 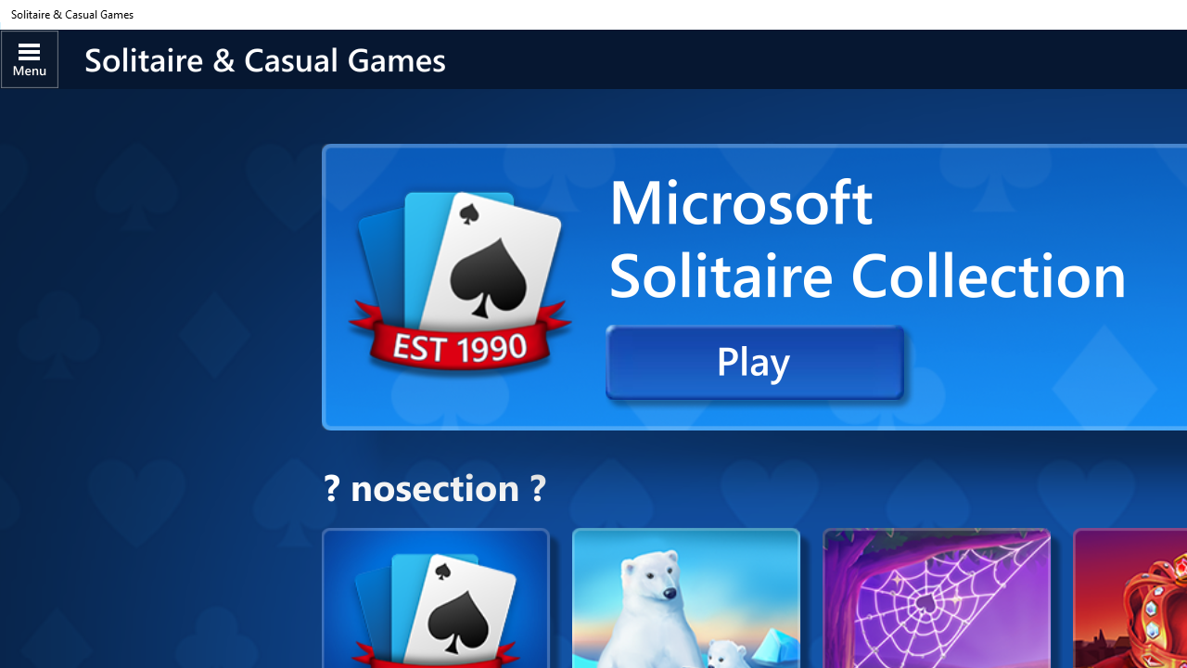 I want to click on 'Play', so click(x=755, y=362).